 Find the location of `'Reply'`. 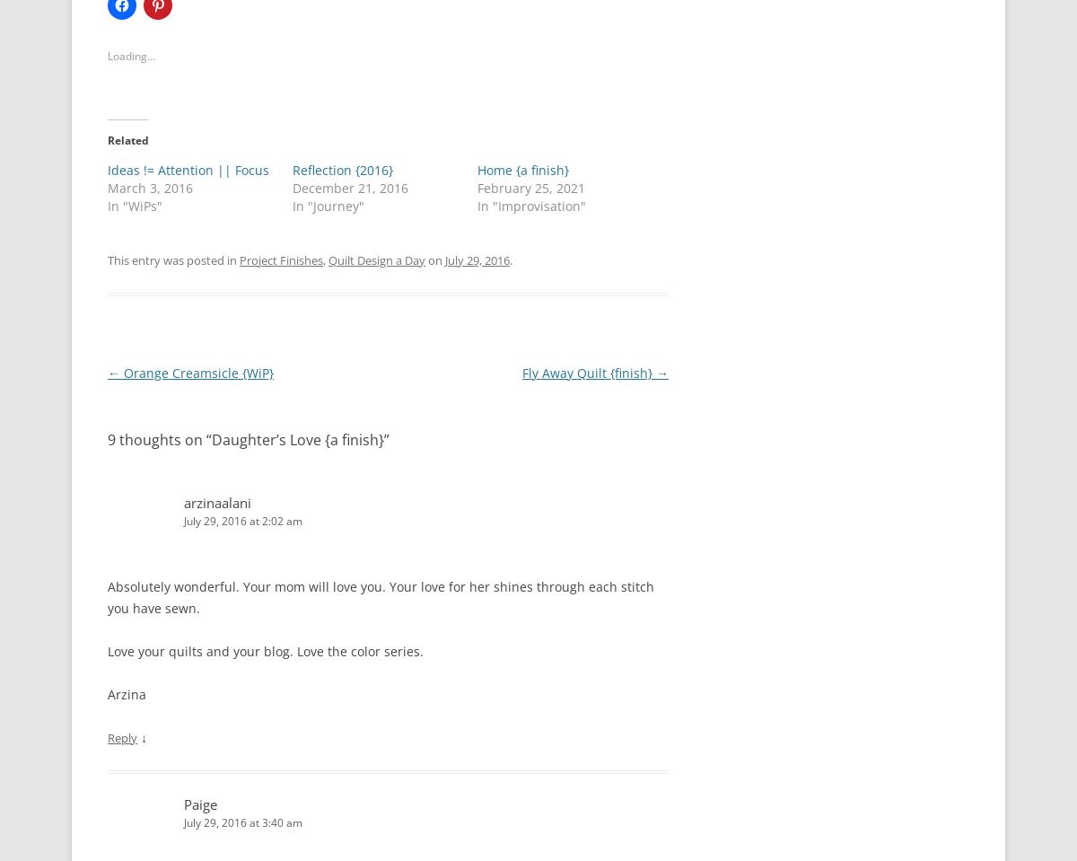

'Reply' is located at coordinates (122, 736).